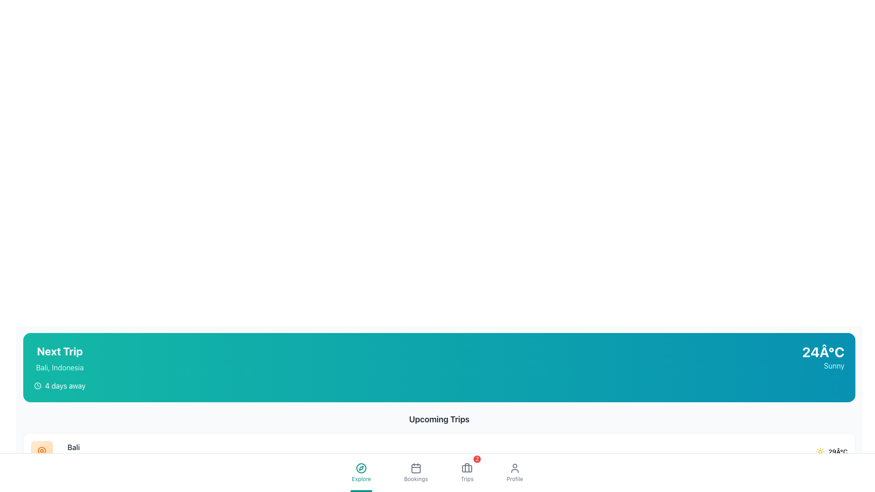 Image resolution: width=875 pixels, height=492 pixels. Describe the element at coordinates (415, 479) in the screenshot. I see `the static text label 'Bookings' that indicates navigation to the Bookings section, positioned between the 'Explore' and 'Trips' sections in the bottom navigation bar` at that location.